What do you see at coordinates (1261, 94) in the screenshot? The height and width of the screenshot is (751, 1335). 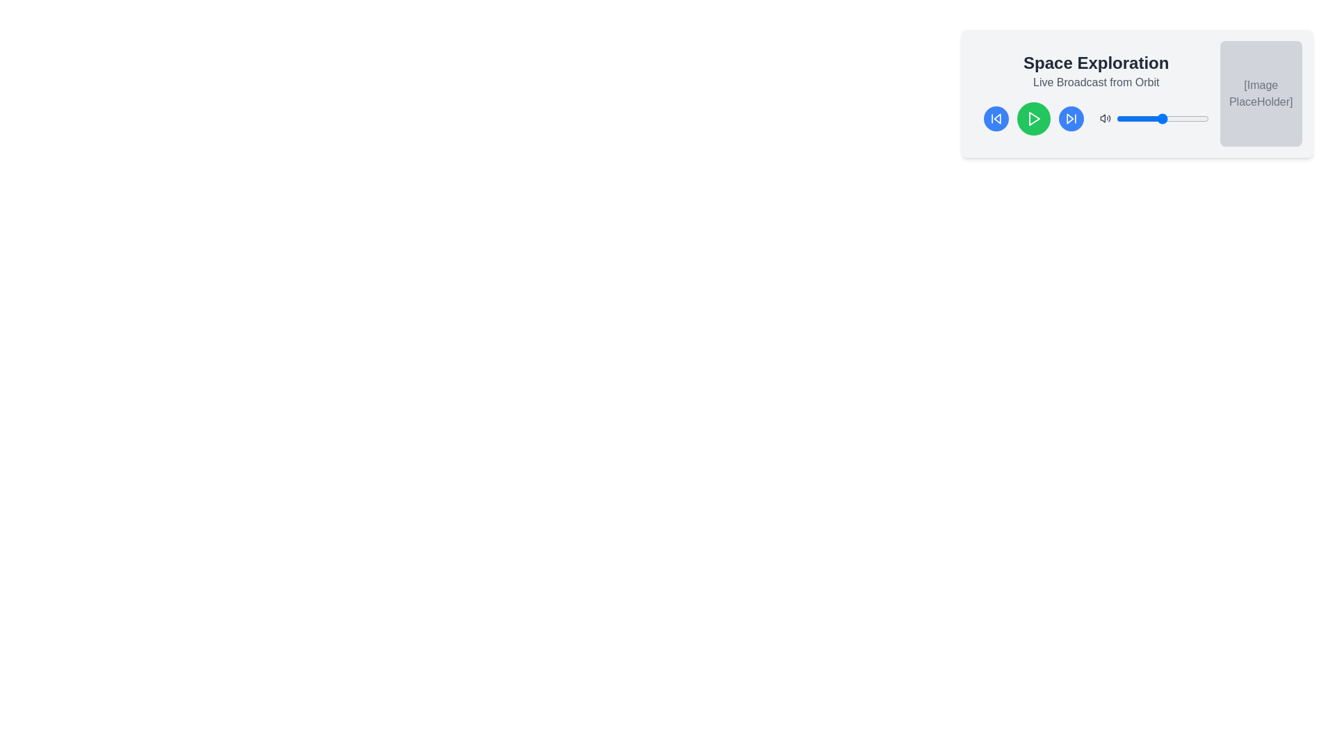 I see `the image placeholder located in the top-right corner of the card structure, adjacent to the 'Space Exploration' and 'Live Broadcast from Orbit' text blocks` at bounding box center [1261, 94].